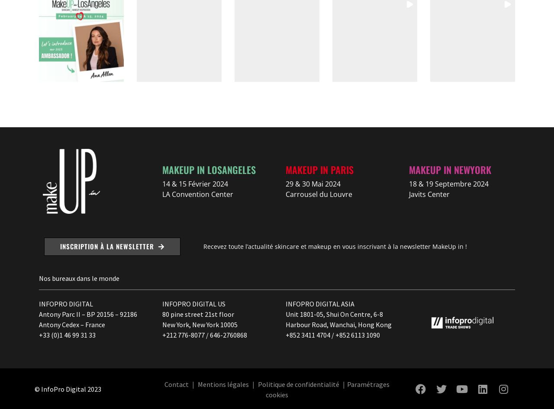  Describe the element at coordinates (319, 169) in the screenshot. I see `'MAKEUP IN PARIS'` at that location.